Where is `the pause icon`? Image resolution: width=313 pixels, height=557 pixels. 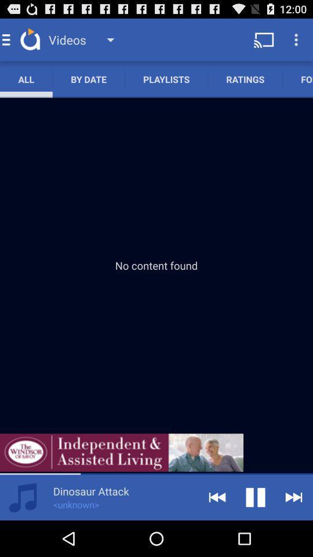
the pause icon is located at coordinates (256, 532).